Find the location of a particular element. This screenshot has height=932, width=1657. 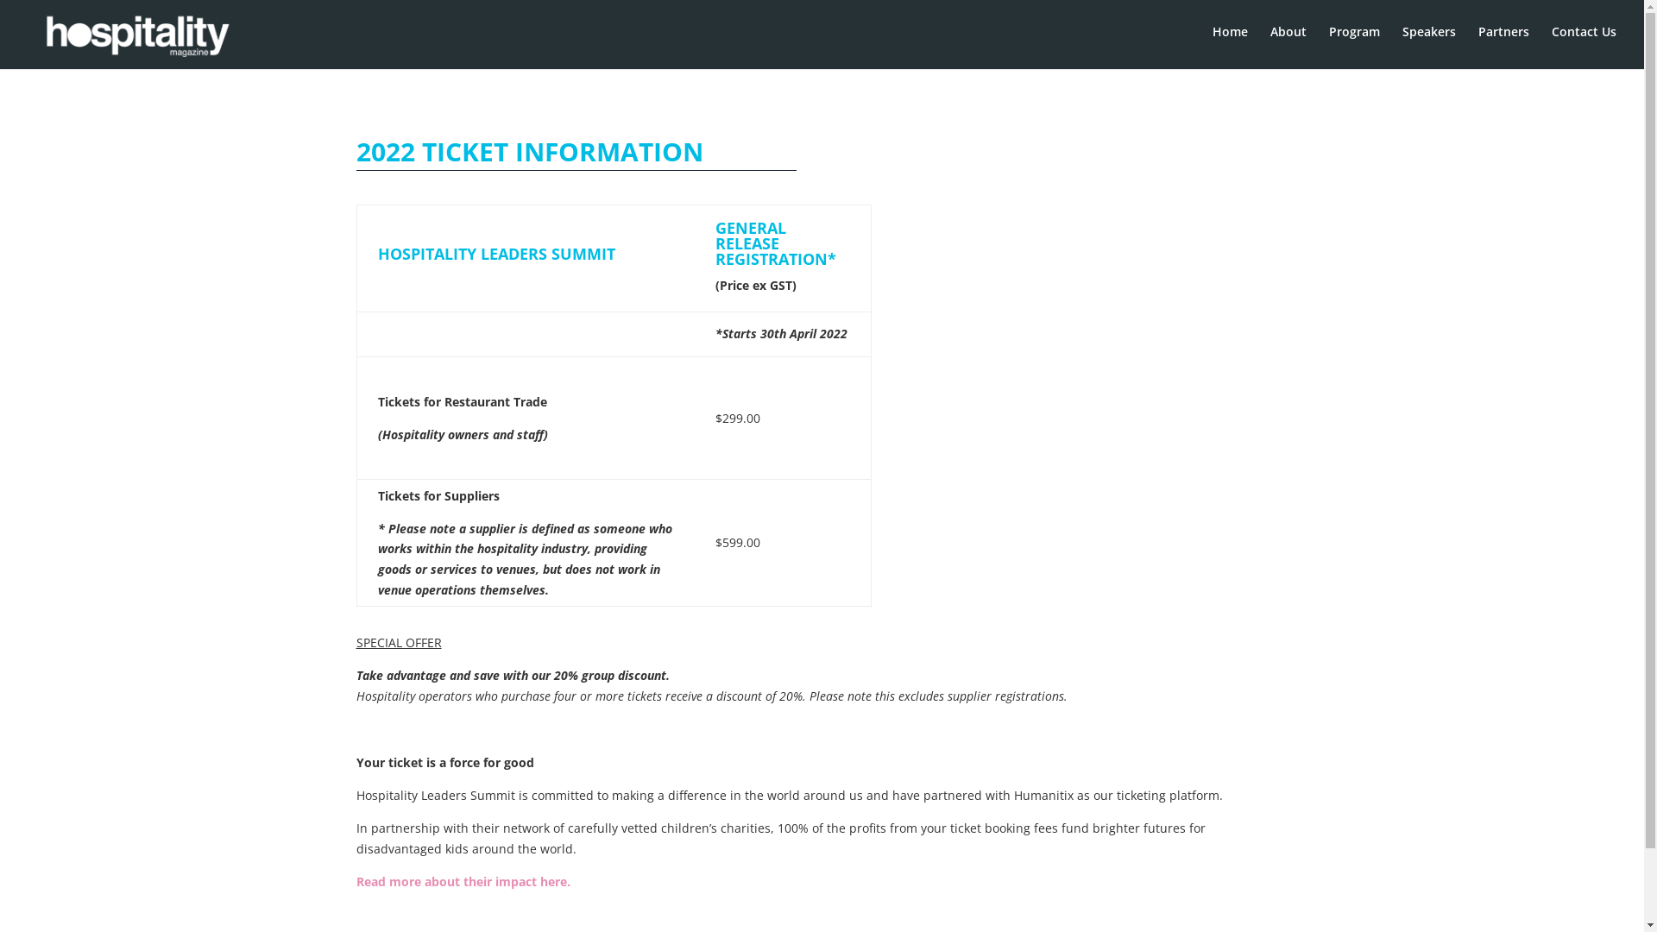

'Speakers' is located at coordinates (1402, 43).